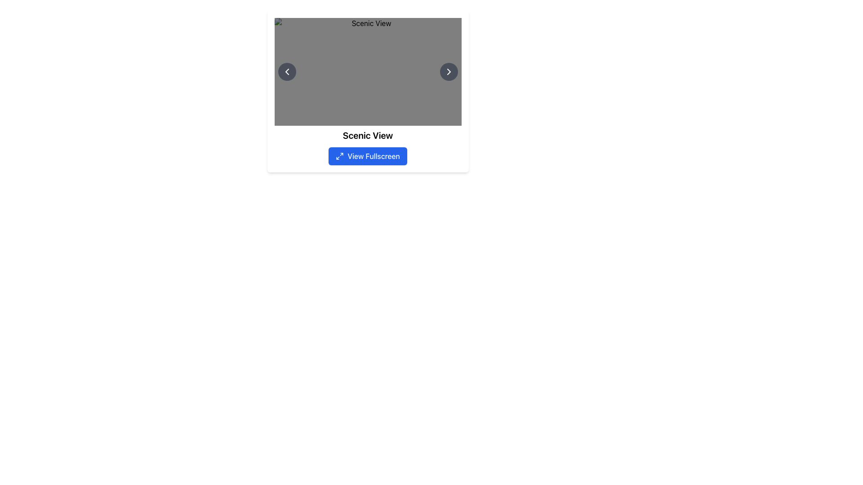  What do you see at coordinates (449, 71) in the screenshot?
I see `the right chevron button that navigates to the next item in the series to observe the hover effect` at bounding box center [449, 71].